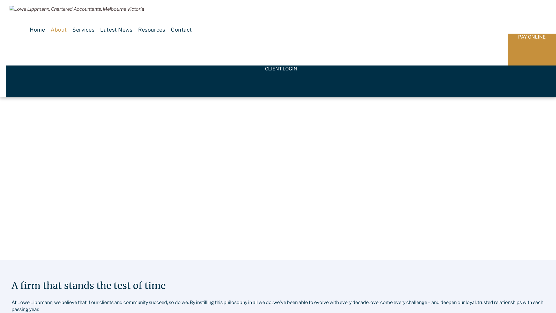  I want to click on 'Latest News', so click(116, 30).